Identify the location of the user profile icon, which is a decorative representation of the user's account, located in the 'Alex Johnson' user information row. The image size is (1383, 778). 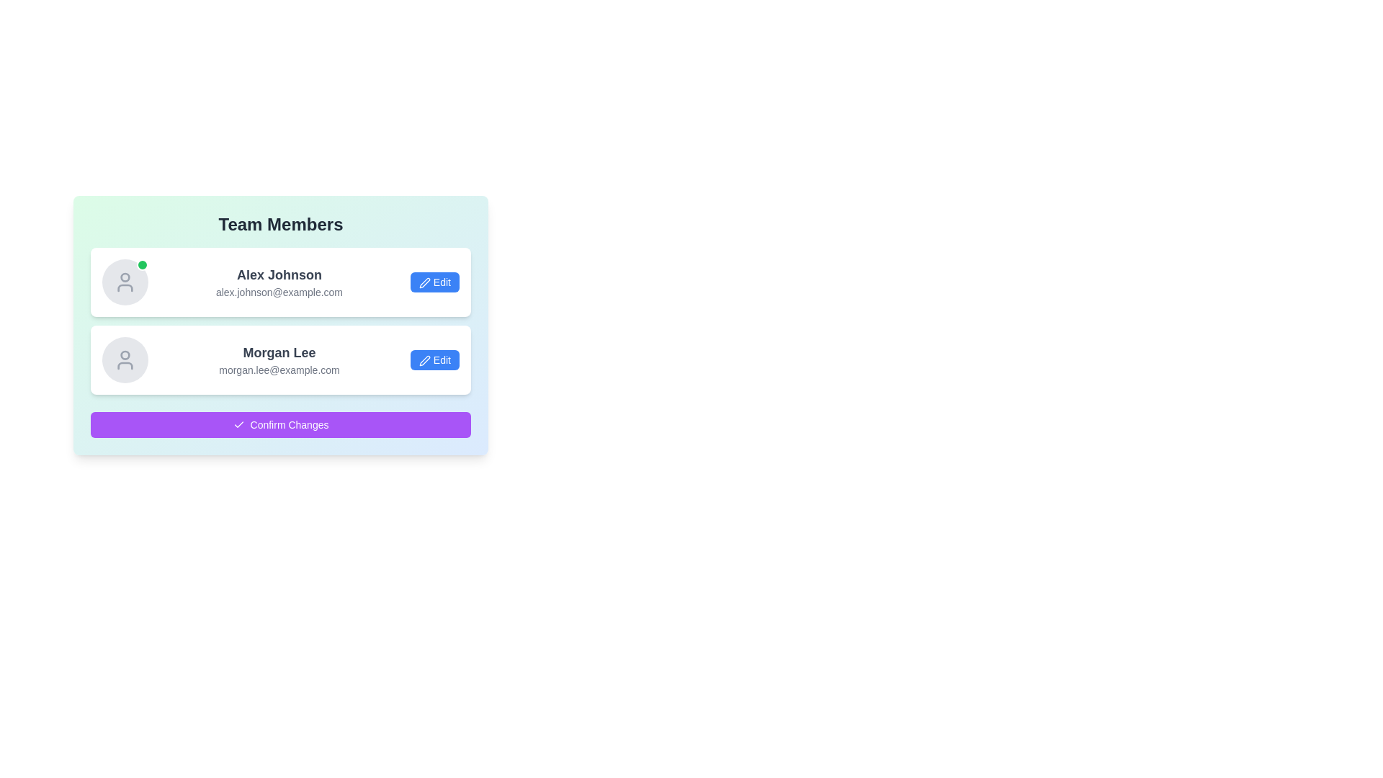
(125, 282).